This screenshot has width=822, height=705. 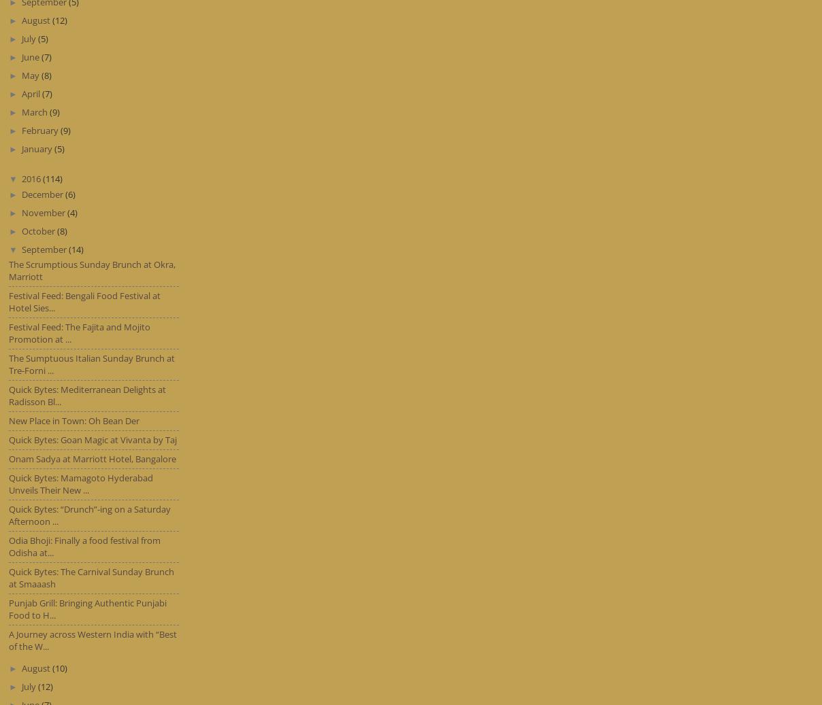 What do you see at coordinates (91, 578) in the screenshot?
I see `'Quick Bytes: The Carnival Sunday Brunch at Smaaash'` at bounding box center [91, 578].